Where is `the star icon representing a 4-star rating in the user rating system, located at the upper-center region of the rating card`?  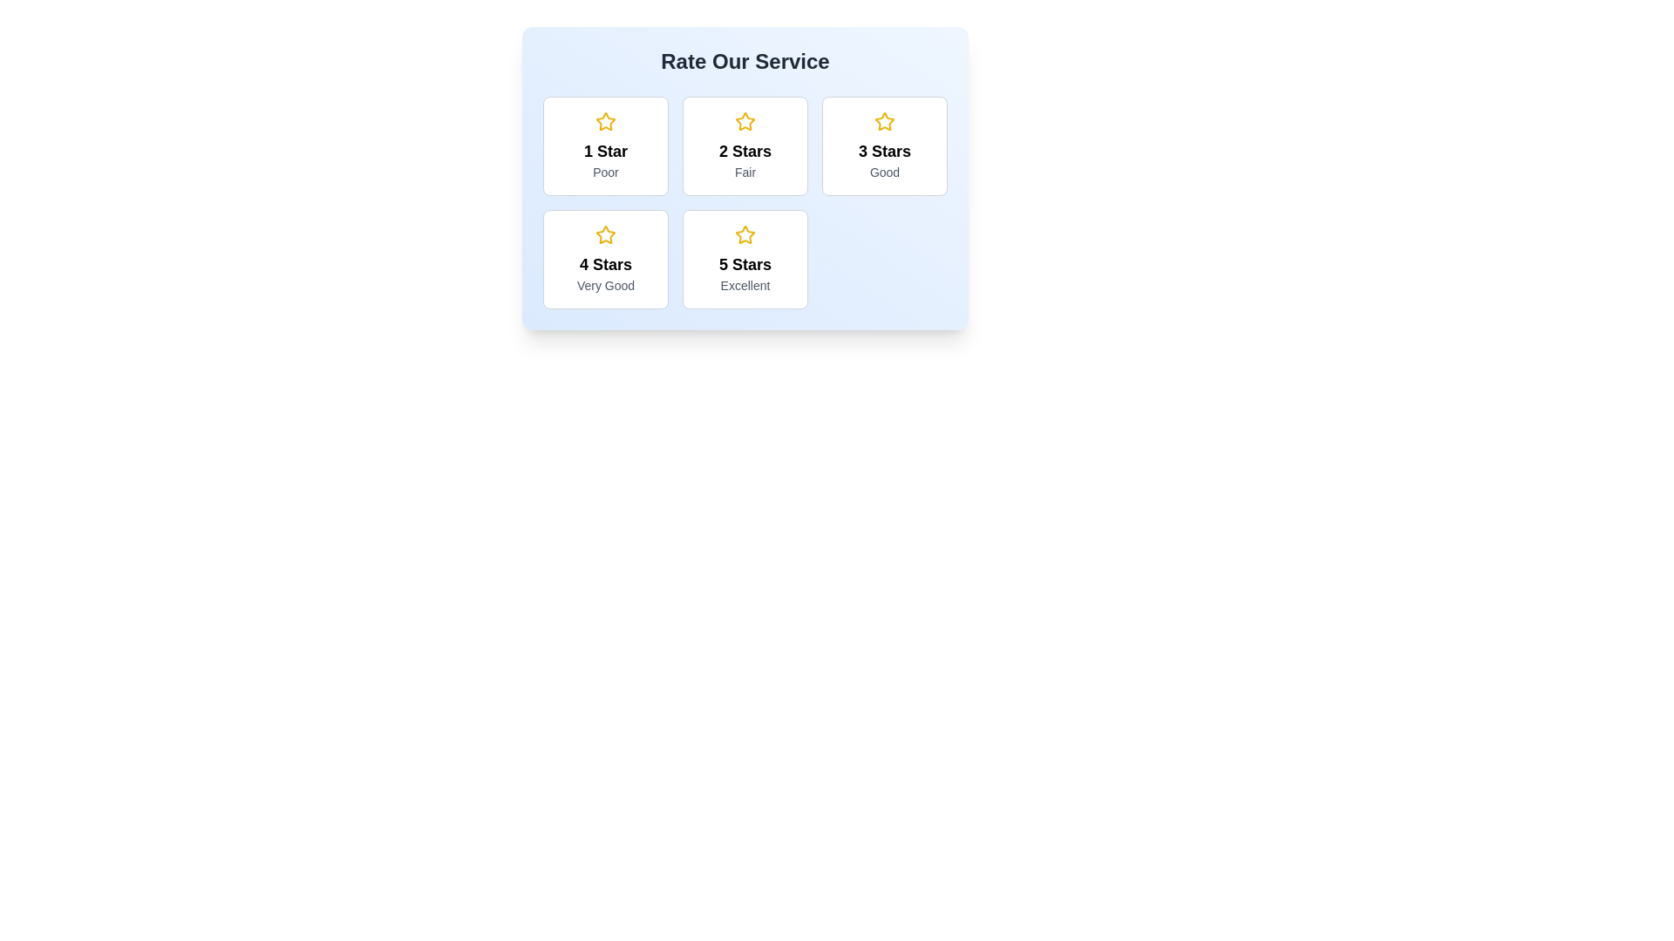 the star icon representing a 4-star rating in the user rating system, located at the upper-center region of the rating card is located at coordinates (606, 235).